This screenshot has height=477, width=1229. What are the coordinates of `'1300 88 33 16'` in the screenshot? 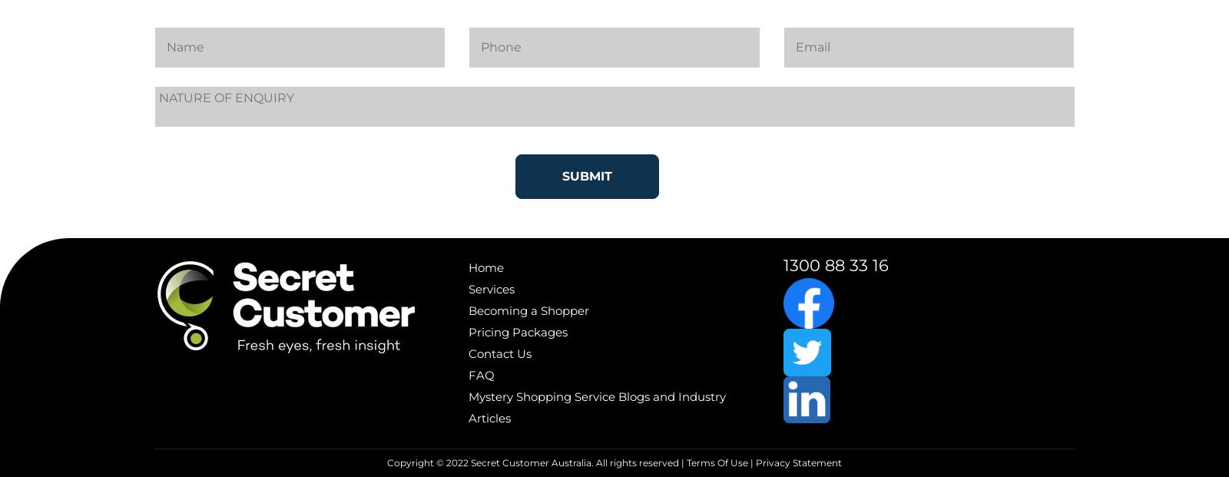 It's located at (836, 265).